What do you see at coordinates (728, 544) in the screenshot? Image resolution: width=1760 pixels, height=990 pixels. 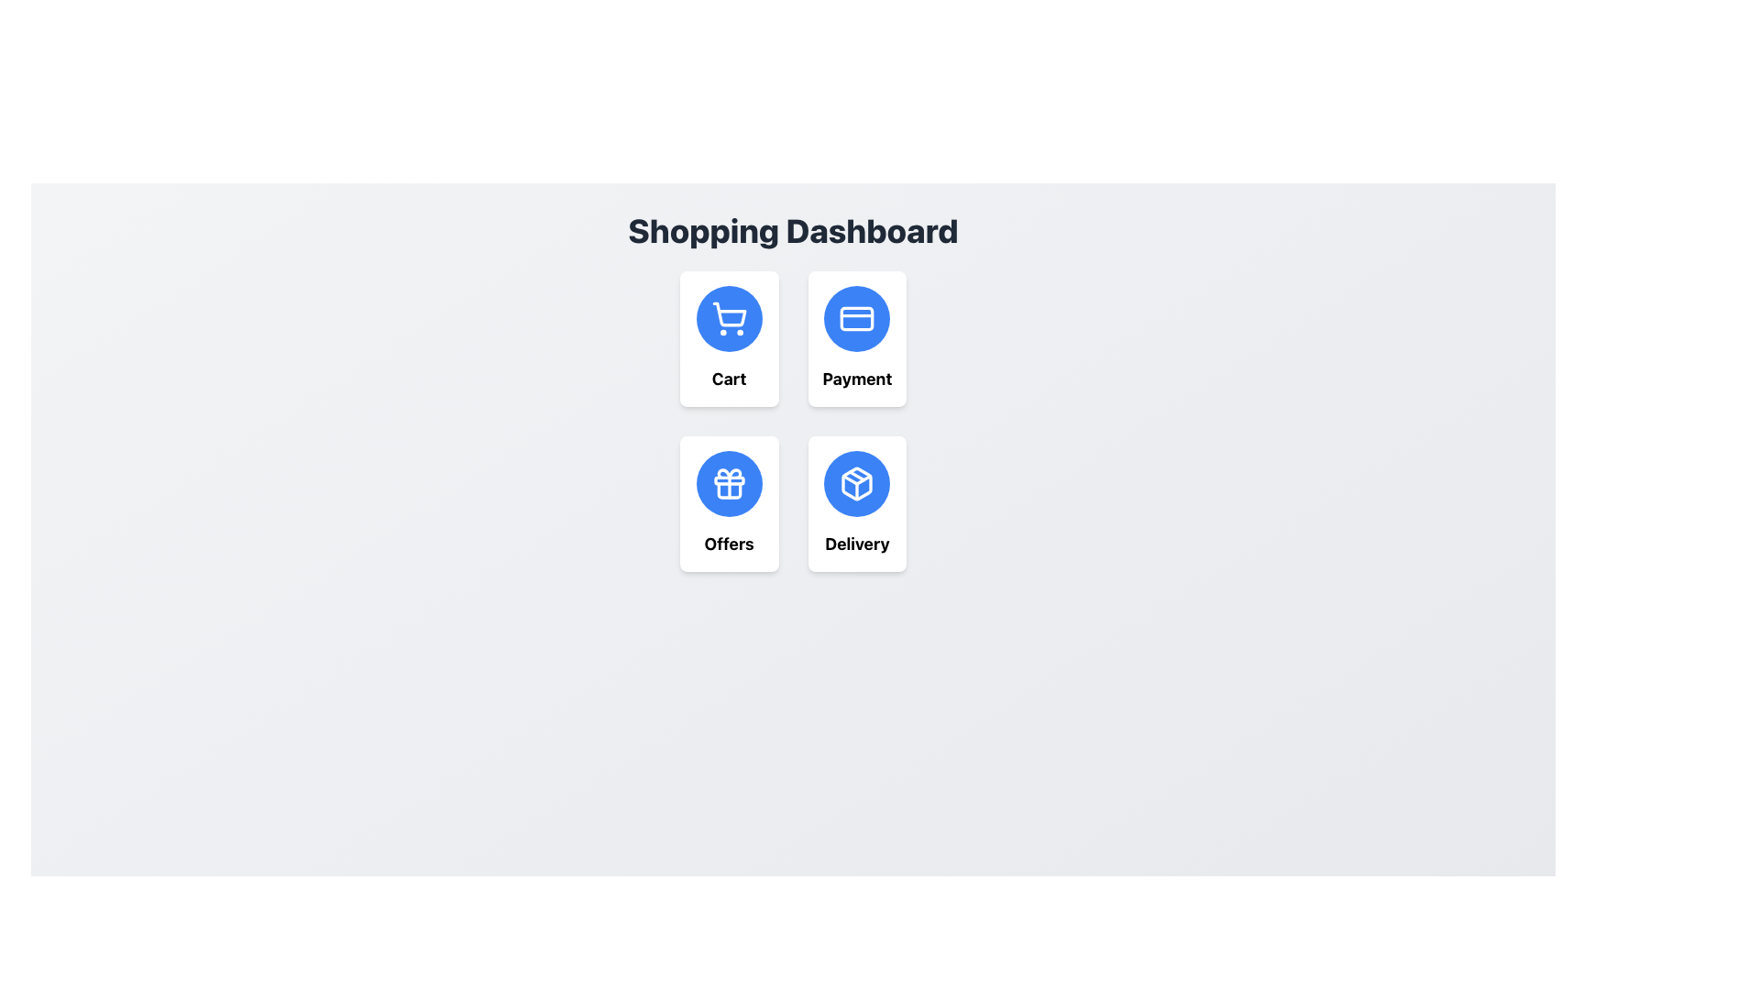 I see `the 'Offers' text label, which is displayed in bold black font below a gift icon on a white card in a 2x2 grid layout` at bounding box center [728, 544].